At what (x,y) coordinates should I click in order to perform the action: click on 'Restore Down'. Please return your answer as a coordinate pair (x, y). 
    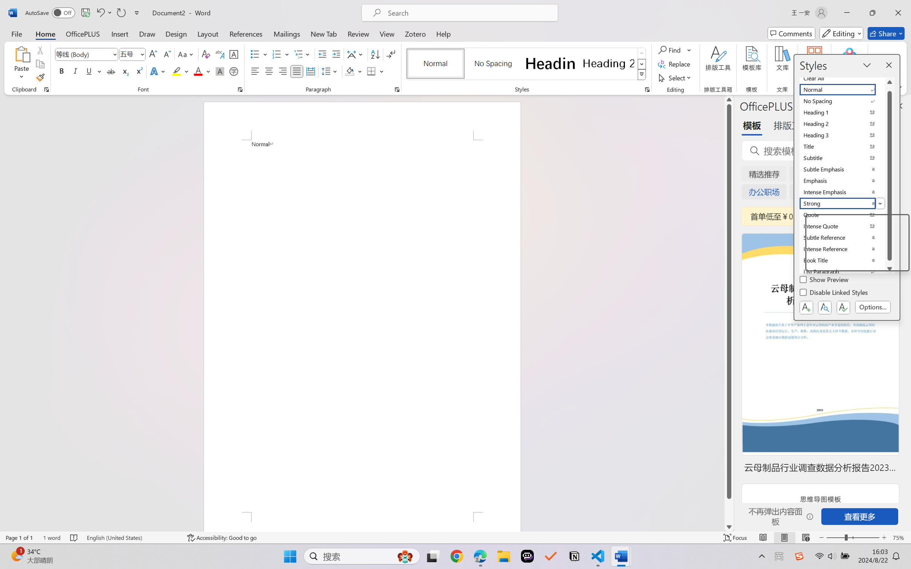
    Looking at the image, I should click on (873, 12).